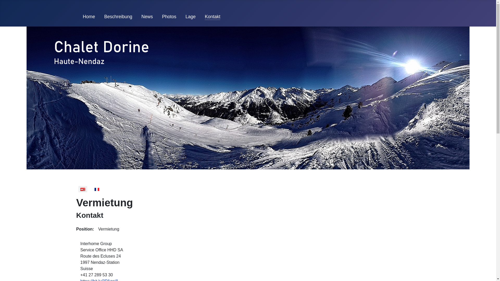 This screenshot has width=500, height=281. I want to click on 'Kontakt', so click(213, 16).